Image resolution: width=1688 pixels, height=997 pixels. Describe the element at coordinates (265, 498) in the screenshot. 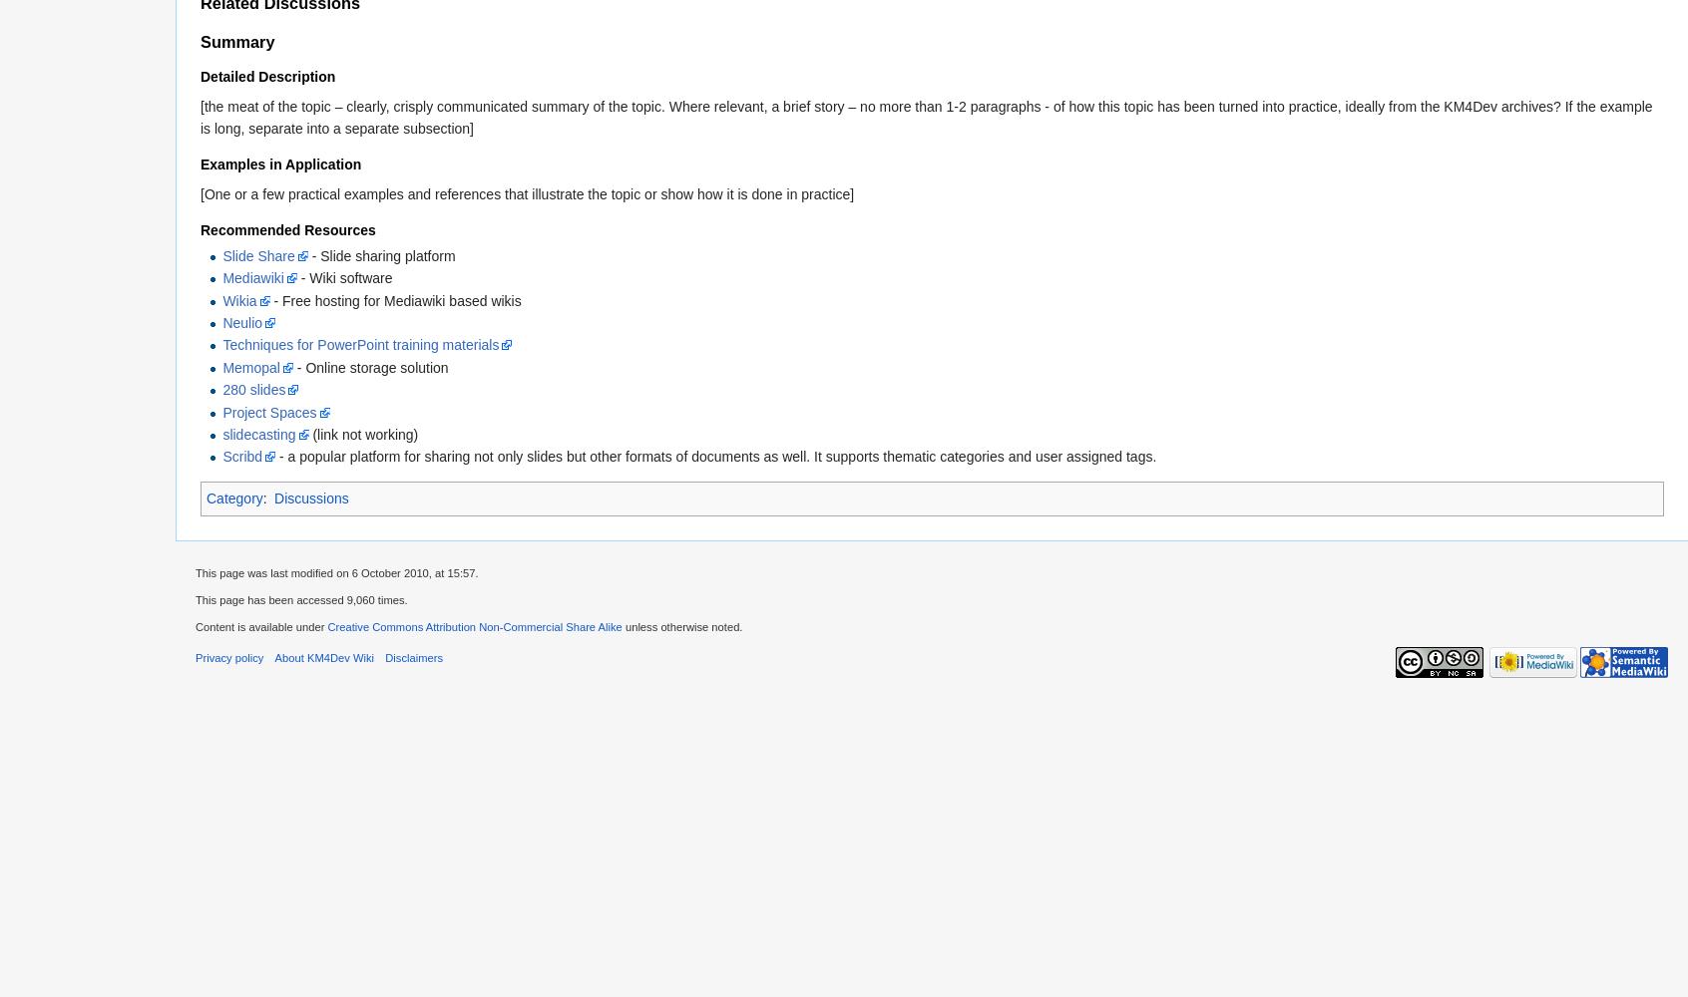

I see `':'` at that location.